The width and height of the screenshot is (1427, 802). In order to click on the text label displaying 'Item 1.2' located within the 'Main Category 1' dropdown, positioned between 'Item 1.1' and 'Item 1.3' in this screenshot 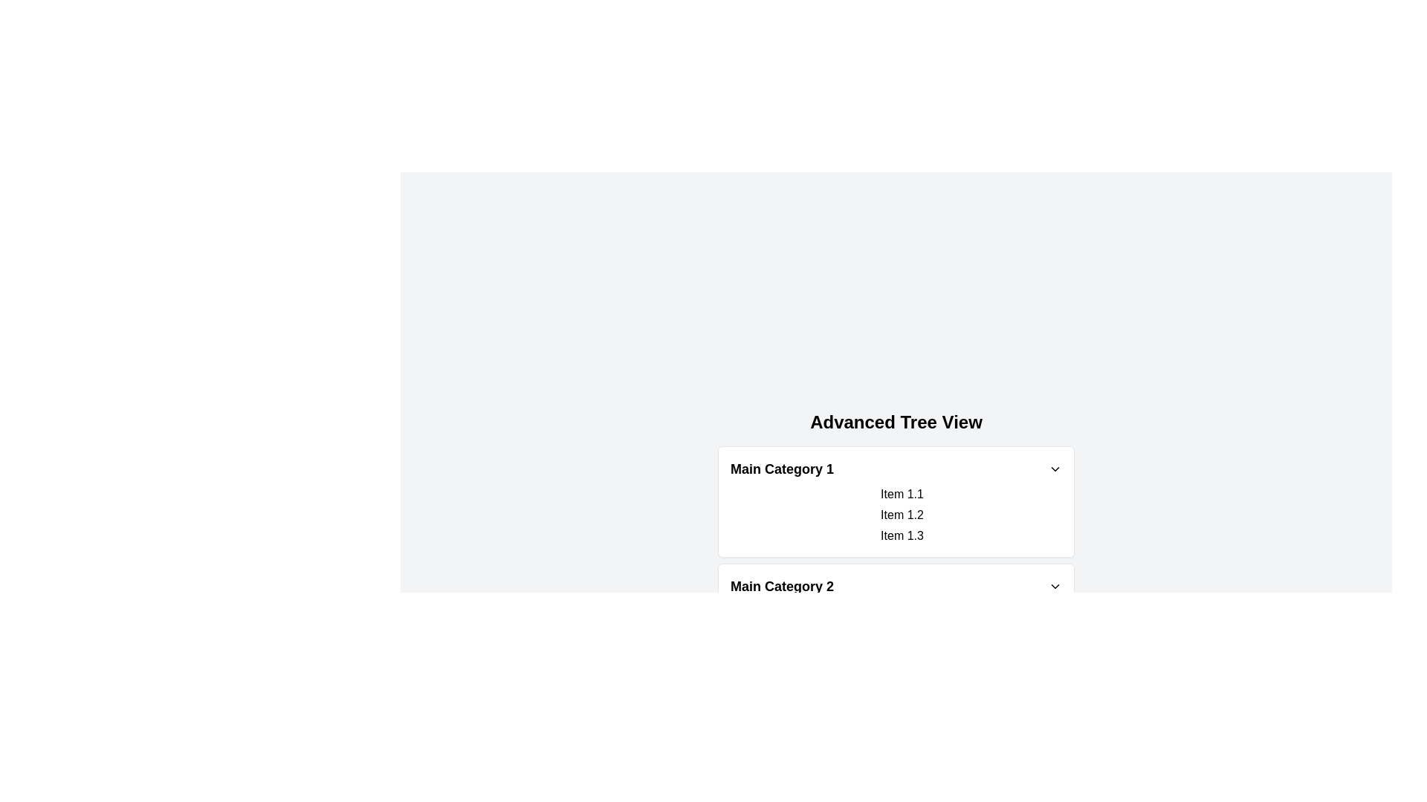, I will do `click(902, 515)`.